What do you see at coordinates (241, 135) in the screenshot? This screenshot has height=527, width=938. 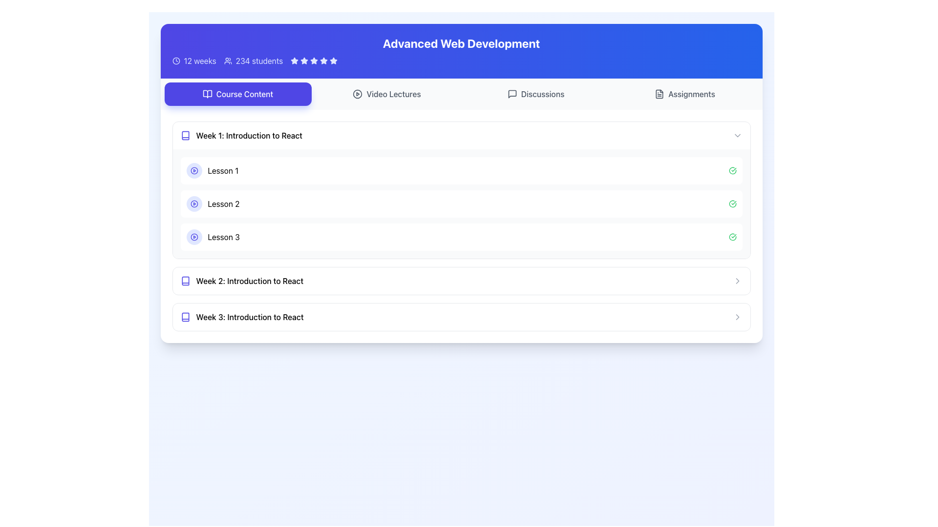 I see `the clickable text label 'Week 1: Introduction to React' with the book icon` at bounding box center [241, 135].